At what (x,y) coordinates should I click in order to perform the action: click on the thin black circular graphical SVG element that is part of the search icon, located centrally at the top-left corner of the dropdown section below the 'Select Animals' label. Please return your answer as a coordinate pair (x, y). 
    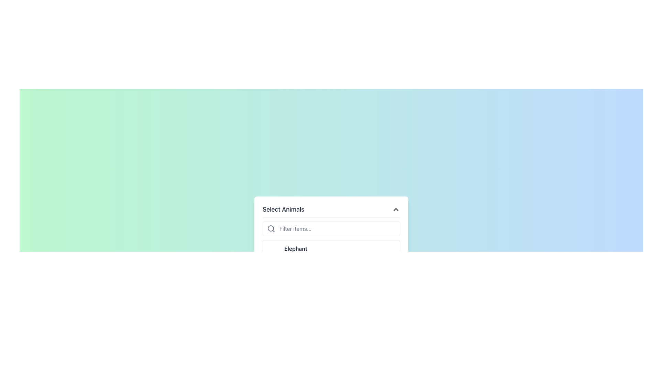
    Looking at the image, I should click on (270, 228).